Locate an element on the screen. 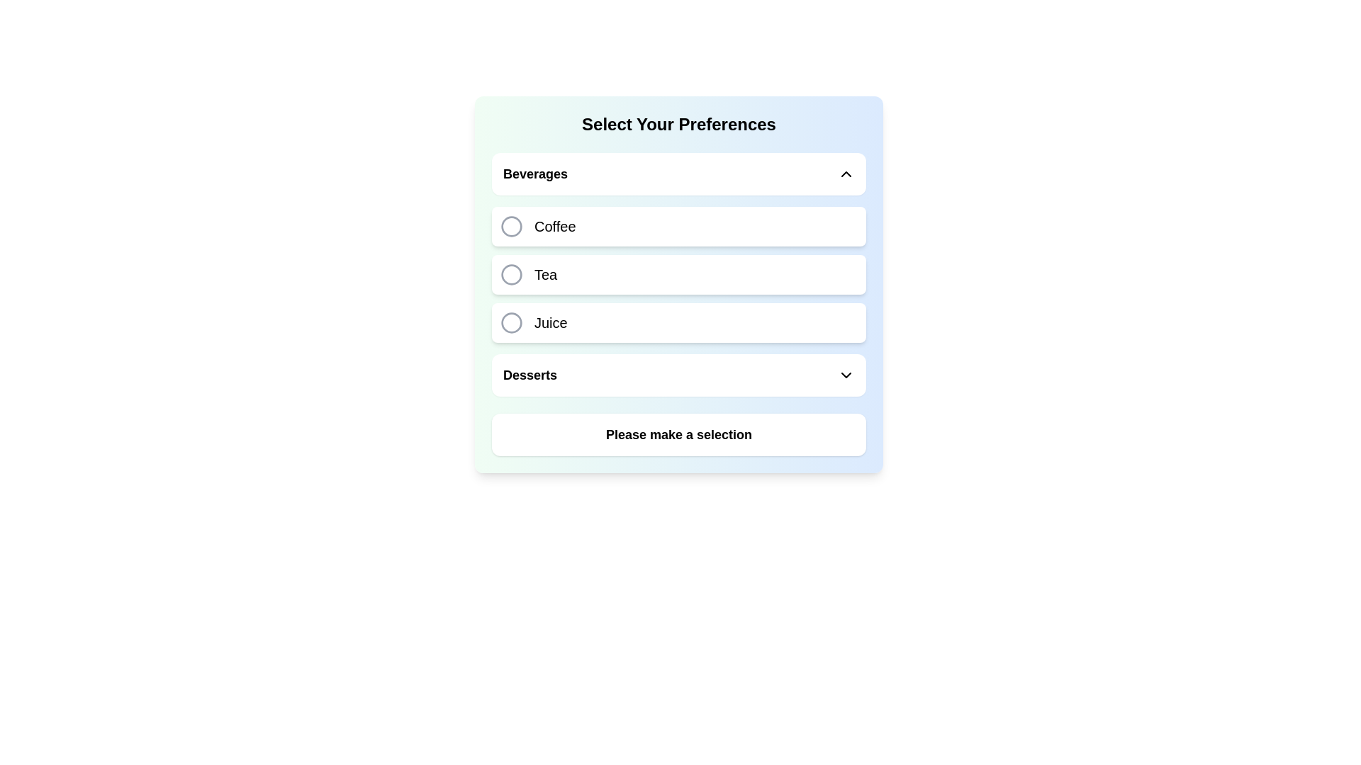 The image size is (1361, 765). the label for the beverage category 'Coffee', which is positioned in the second row of the 'Beverages' section, next to a radio button is located at coordinates (554, 226).